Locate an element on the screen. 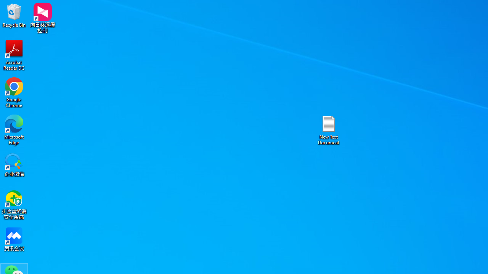 This screenshot has width=488, height=274. 'Google Chrome' is located at coordinates (14, 92).